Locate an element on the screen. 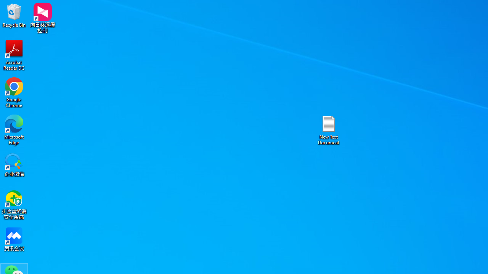 This screenshot has width=488, height=274. 'Google Chrome' is located at coordinates (14, 92).